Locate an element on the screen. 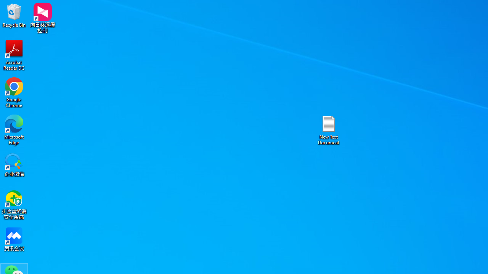 This screenshot has width=488, height=274. 'Google Chrome' is located at coordinates (14, 92).